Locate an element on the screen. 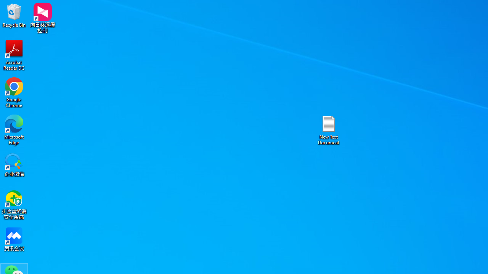 This screenshot has width=488, height=274. 'Google Chrome' is located at coordinates (14, 92).